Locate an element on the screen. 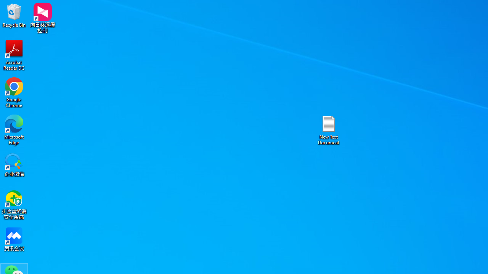 This screenshot has width=488, height=274. 'Google Chrome' is located at coordinates (14, 92).